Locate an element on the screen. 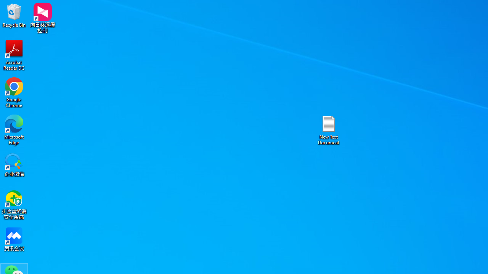 This screenshot has width=488, height=274. 'Google Chrome' is located at coordinates (14, 92).